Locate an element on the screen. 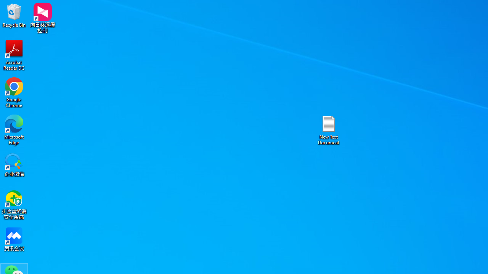 This screenshot has width=488, height=274. 'Google Chrome' is located at coordinates (14, 92).